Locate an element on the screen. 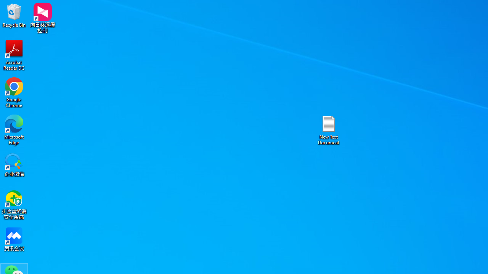 This screenshot has width=488, height=274. 'Google Chrome' is located at coordinates (14, 92).